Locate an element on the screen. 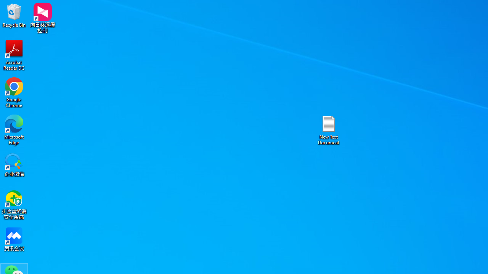 This screenshot has width=488, height=274. 'Google Chrome' is located at coordinates (14, 92).